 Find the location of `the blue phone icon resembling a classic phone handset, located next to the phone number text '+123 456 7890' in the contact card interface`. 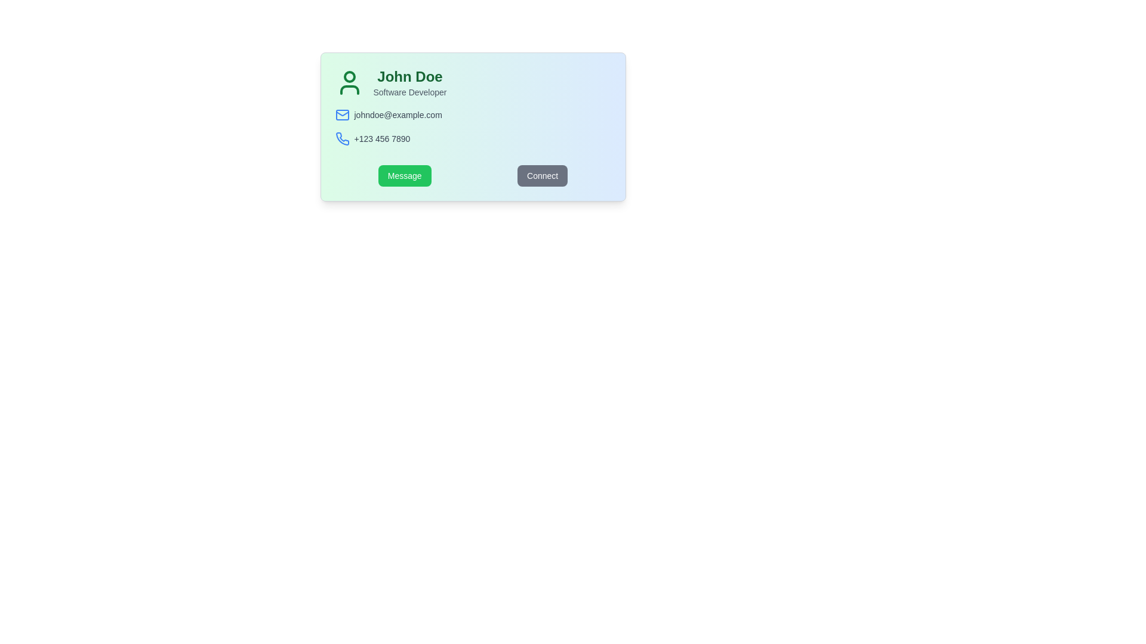

the blue phone icon resembling a classic phone handset, located next to the phone number text '+123 456 7890' in the contact card interface is located at coordinates (341, 138).